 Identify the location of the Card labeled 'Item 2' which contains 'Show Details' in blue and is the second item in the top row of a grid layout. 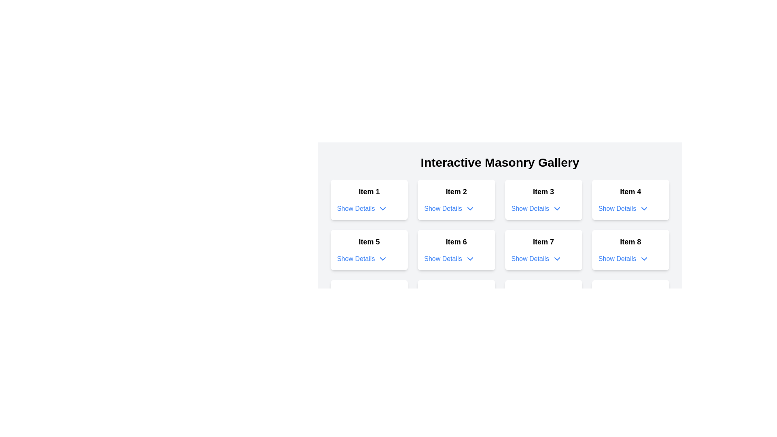
(456, 199).